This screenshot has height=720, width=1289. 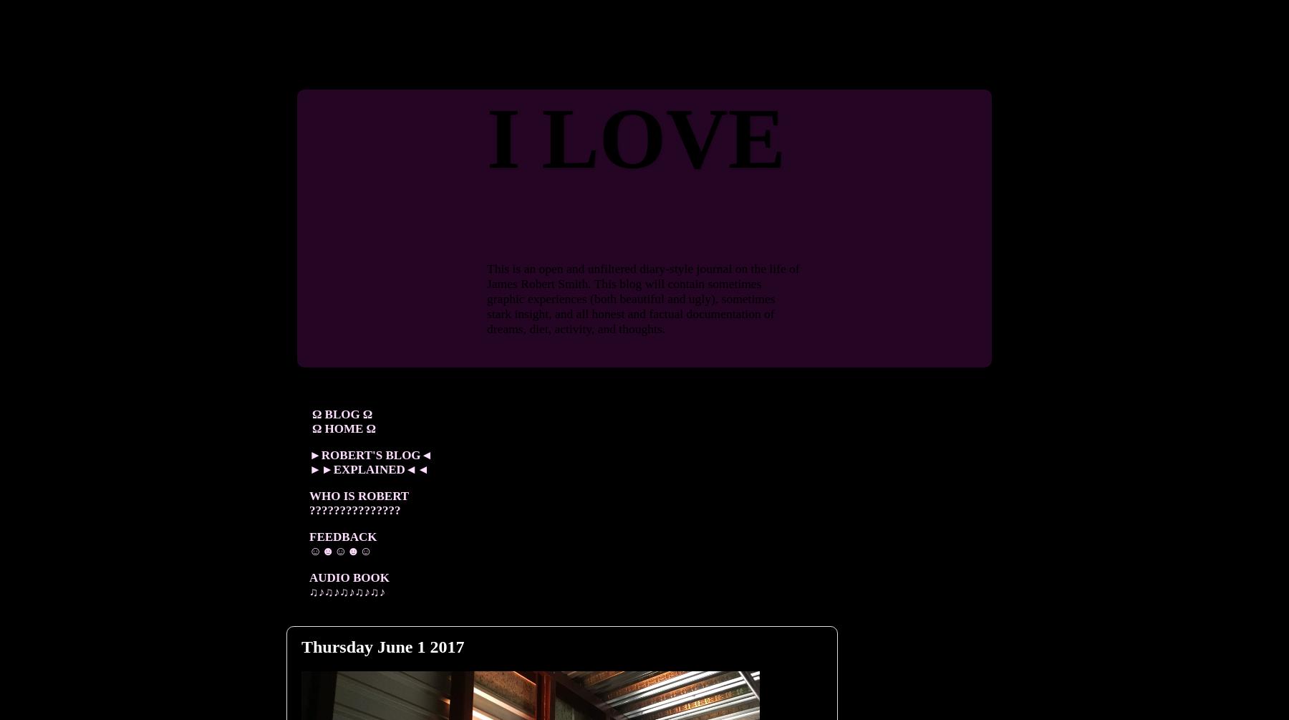 I want to click on 'Ω HOME Ω', so click(x=343, y=427).